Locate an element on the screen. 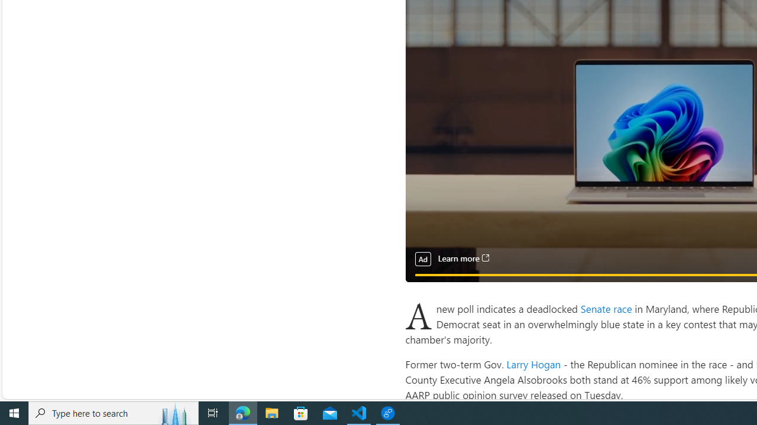 This screenshot has height=425, width=757. 'Learn more' is located at coordinates (462, 258).